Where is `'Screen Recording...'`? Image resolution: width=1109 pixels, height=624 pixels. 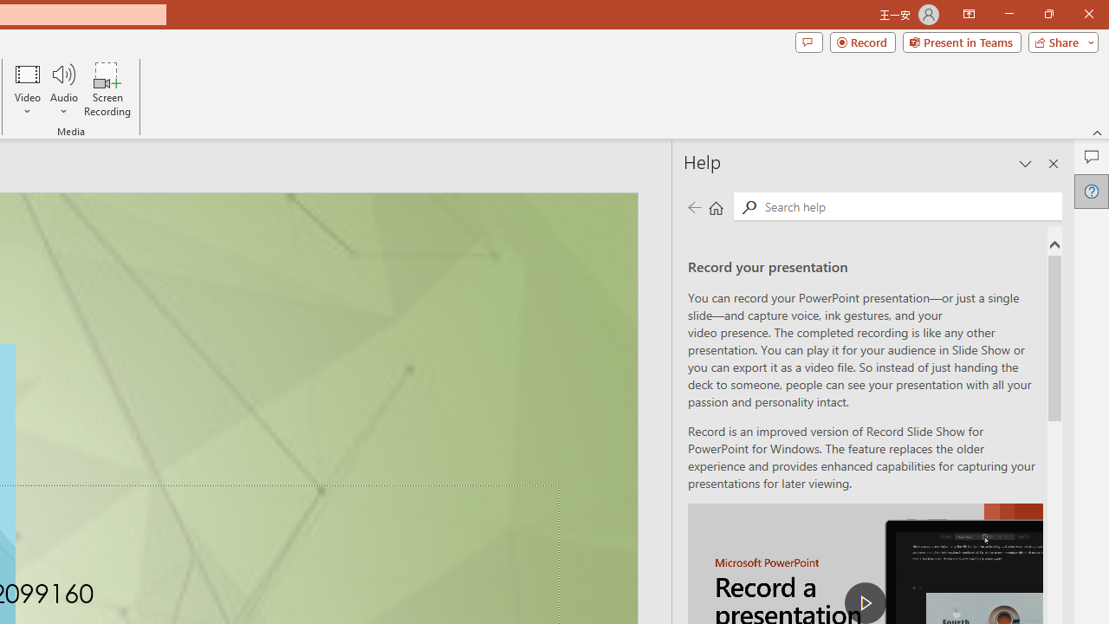 'Screen Recording...' is located at coordinates (107, 89).